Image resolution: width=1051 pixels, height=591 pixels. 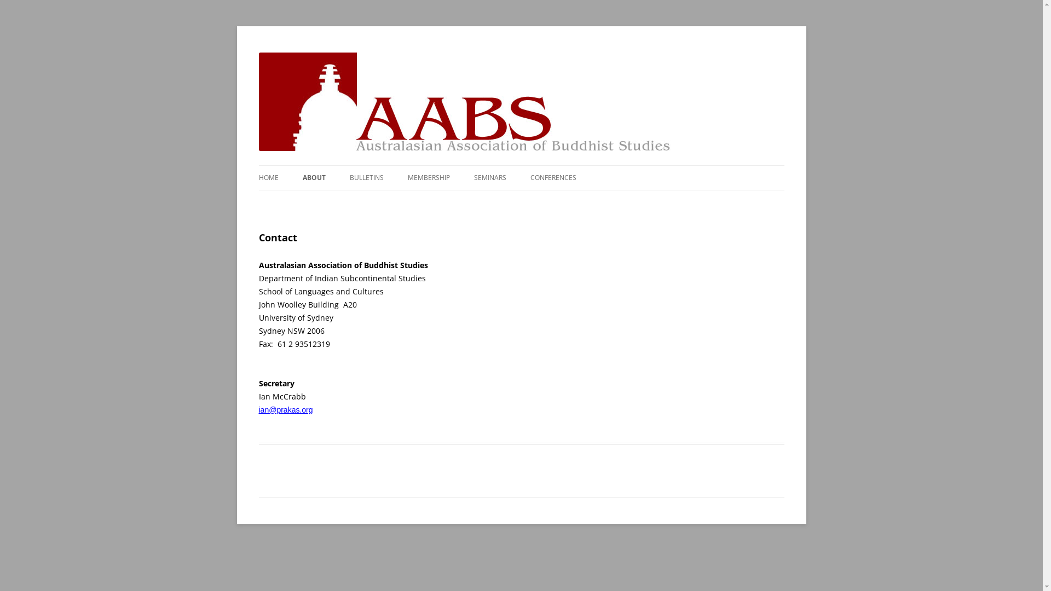 What do you see at coordinates (552, 177) in the screenshot?
I see `'CONFERENCES'` at bounding box center [552, 177].